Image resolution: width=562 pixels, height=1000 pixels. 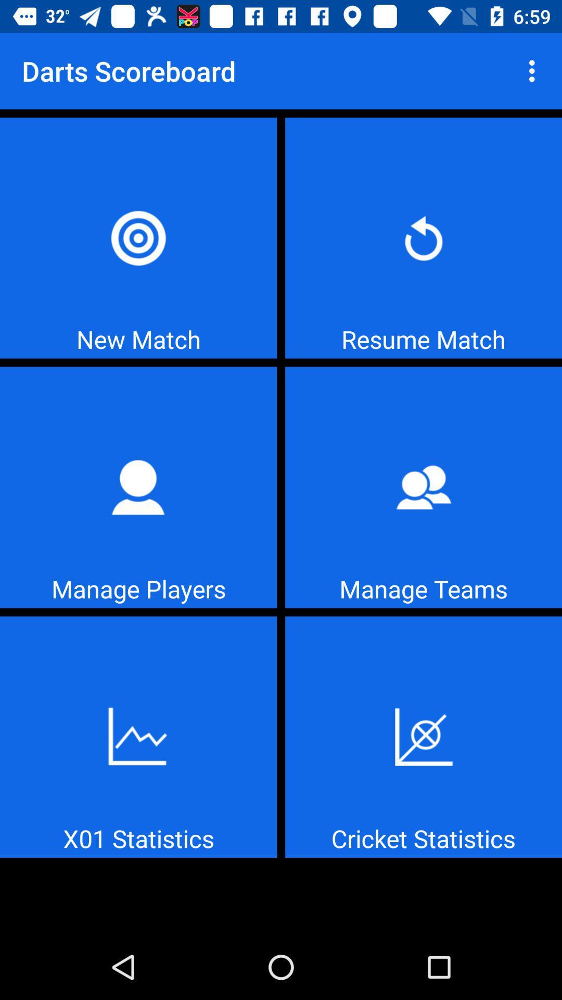 What do you see at coordinates (138, 736) in the screenshot?
I see `tap x01 statistics icon` at bounding box center [138, 736].